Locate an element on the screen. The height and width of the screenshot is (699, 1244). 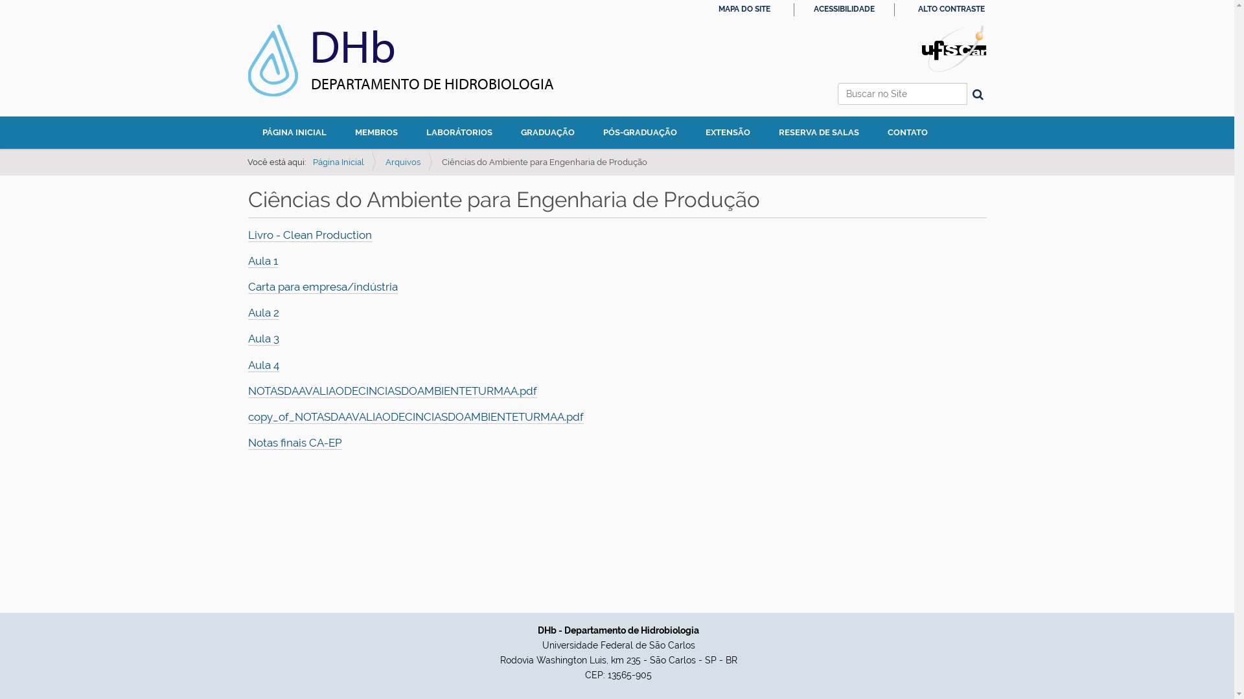
'Buscar no Site' is located at coordinates (836, 93).